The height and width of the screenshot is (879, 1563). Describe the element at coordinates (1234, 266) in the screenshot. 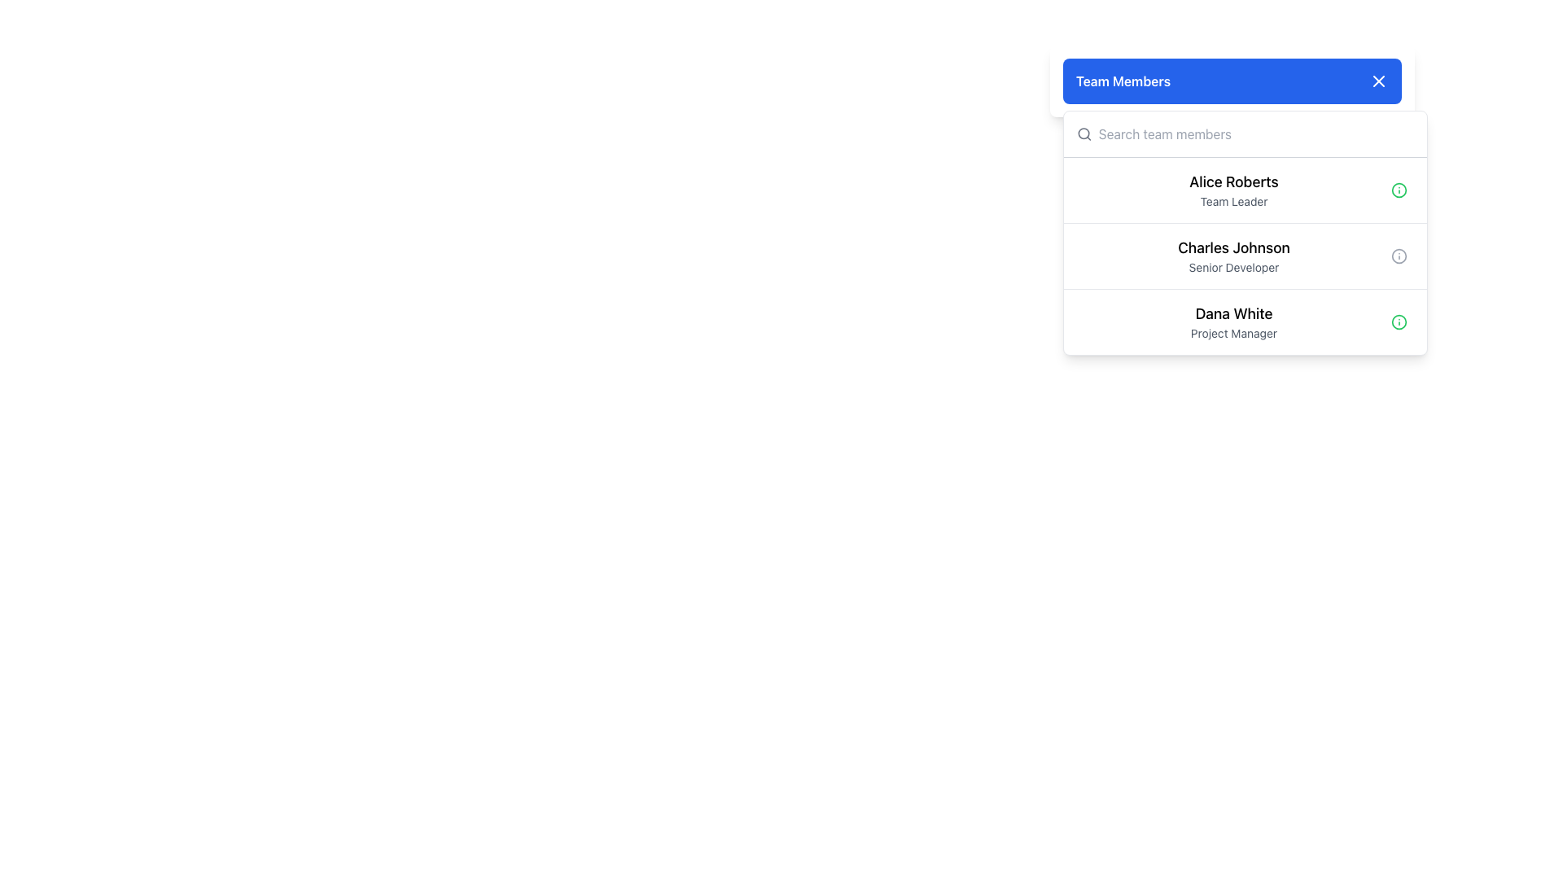

I see `the text label displaying the role of 'Charles Johnson' located directly below his name within the 'Team Members' dropdown panel` at that location.